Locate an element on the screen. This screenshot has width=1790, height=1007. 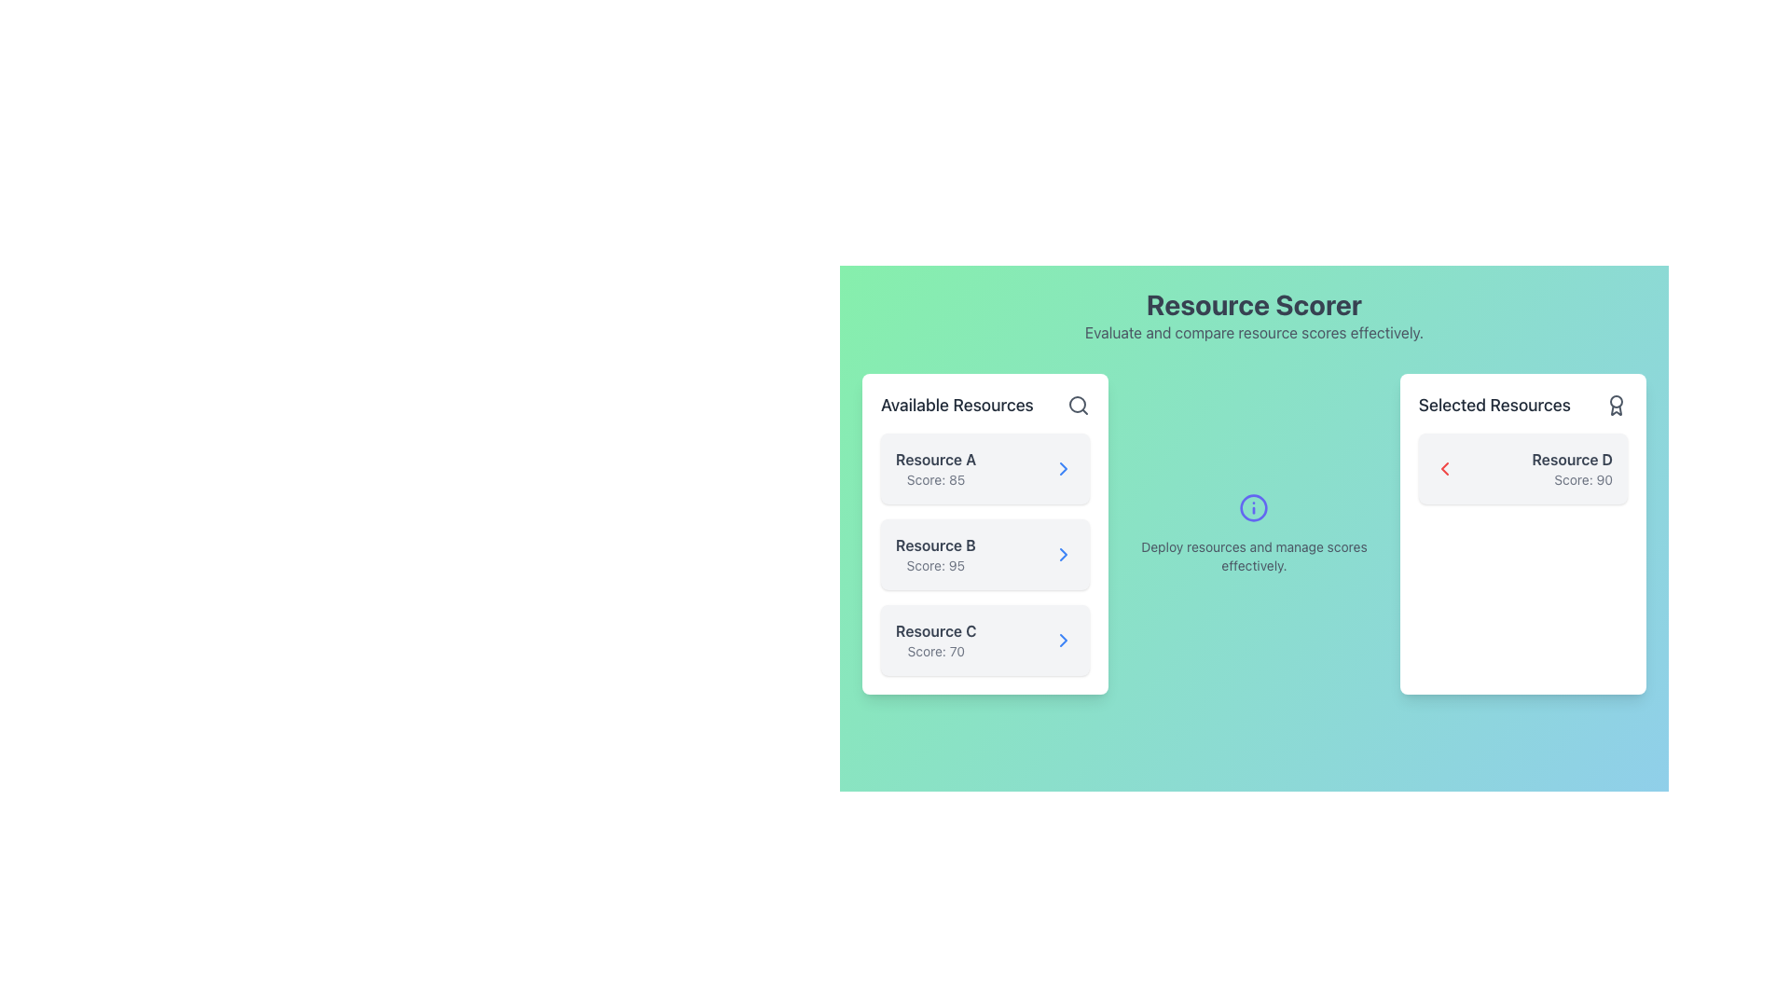
the Header section titled 'Resource Scorer' to potentially reveal additional tooltips or interactions is located at coordinates (1254, 315).